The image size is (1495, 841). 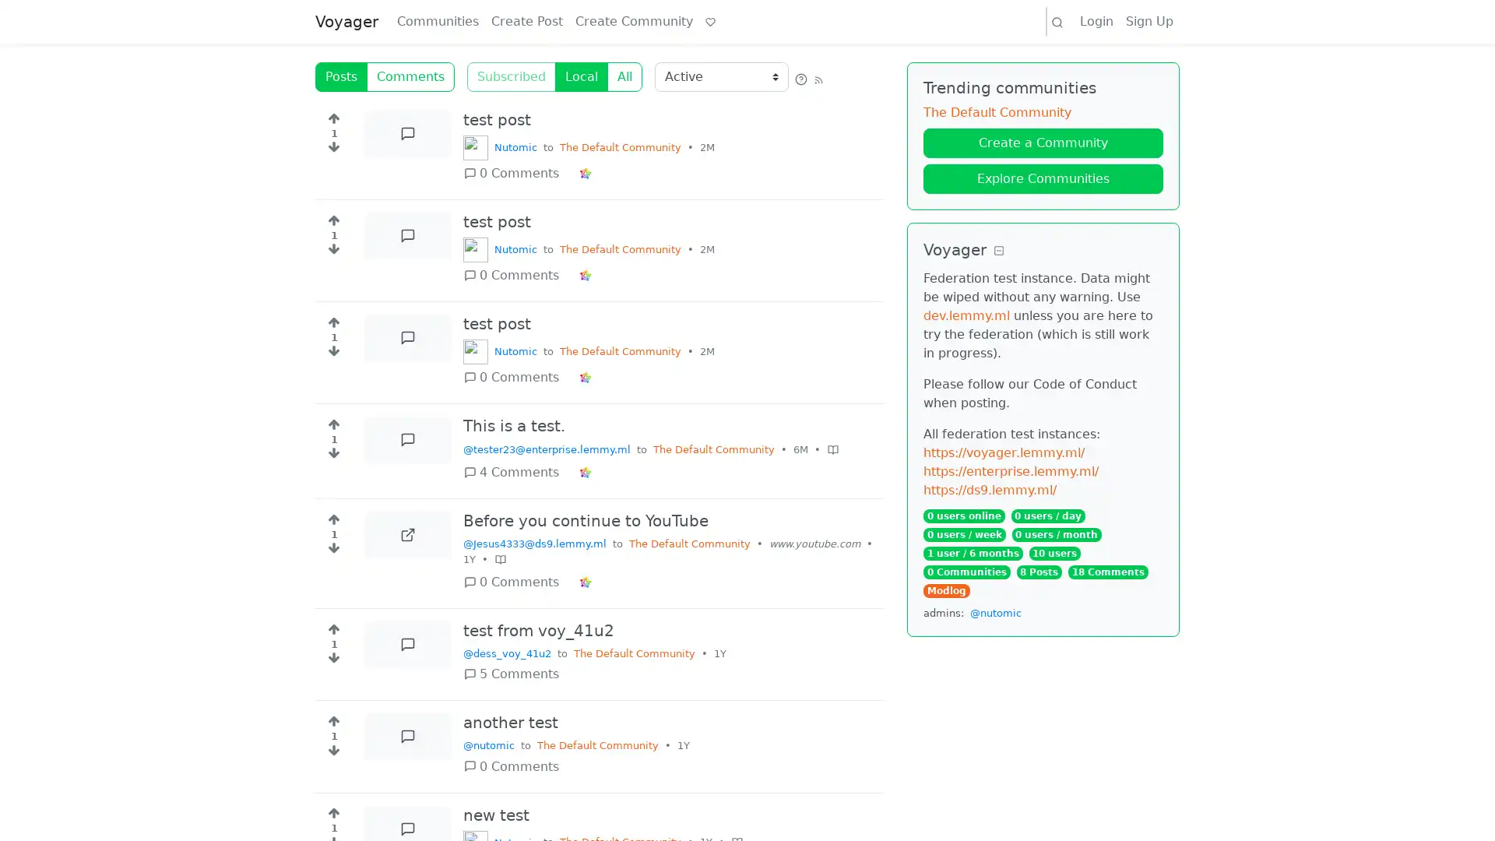 I want to click on 0 Comments, so click(x=515, y=582).